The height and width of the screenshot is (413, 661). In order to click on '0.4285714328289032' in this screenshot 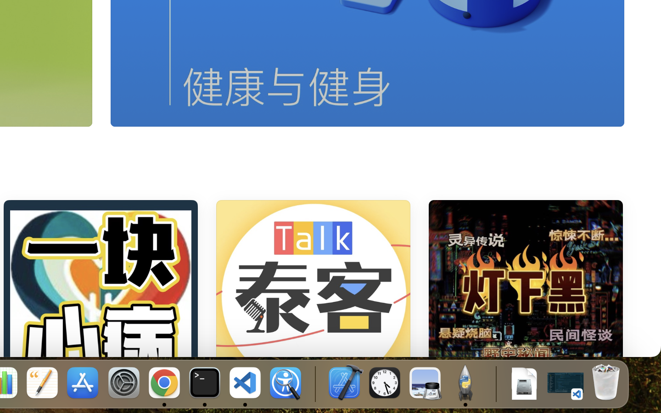, I will do `click(314, 383)`.